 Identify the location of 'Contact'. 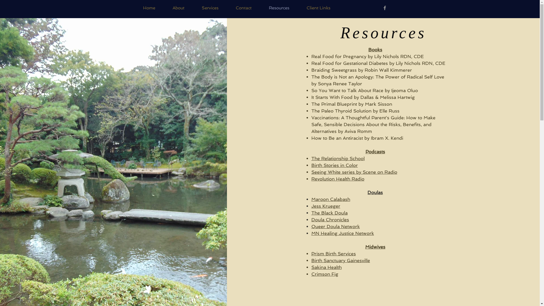
(244, 8).